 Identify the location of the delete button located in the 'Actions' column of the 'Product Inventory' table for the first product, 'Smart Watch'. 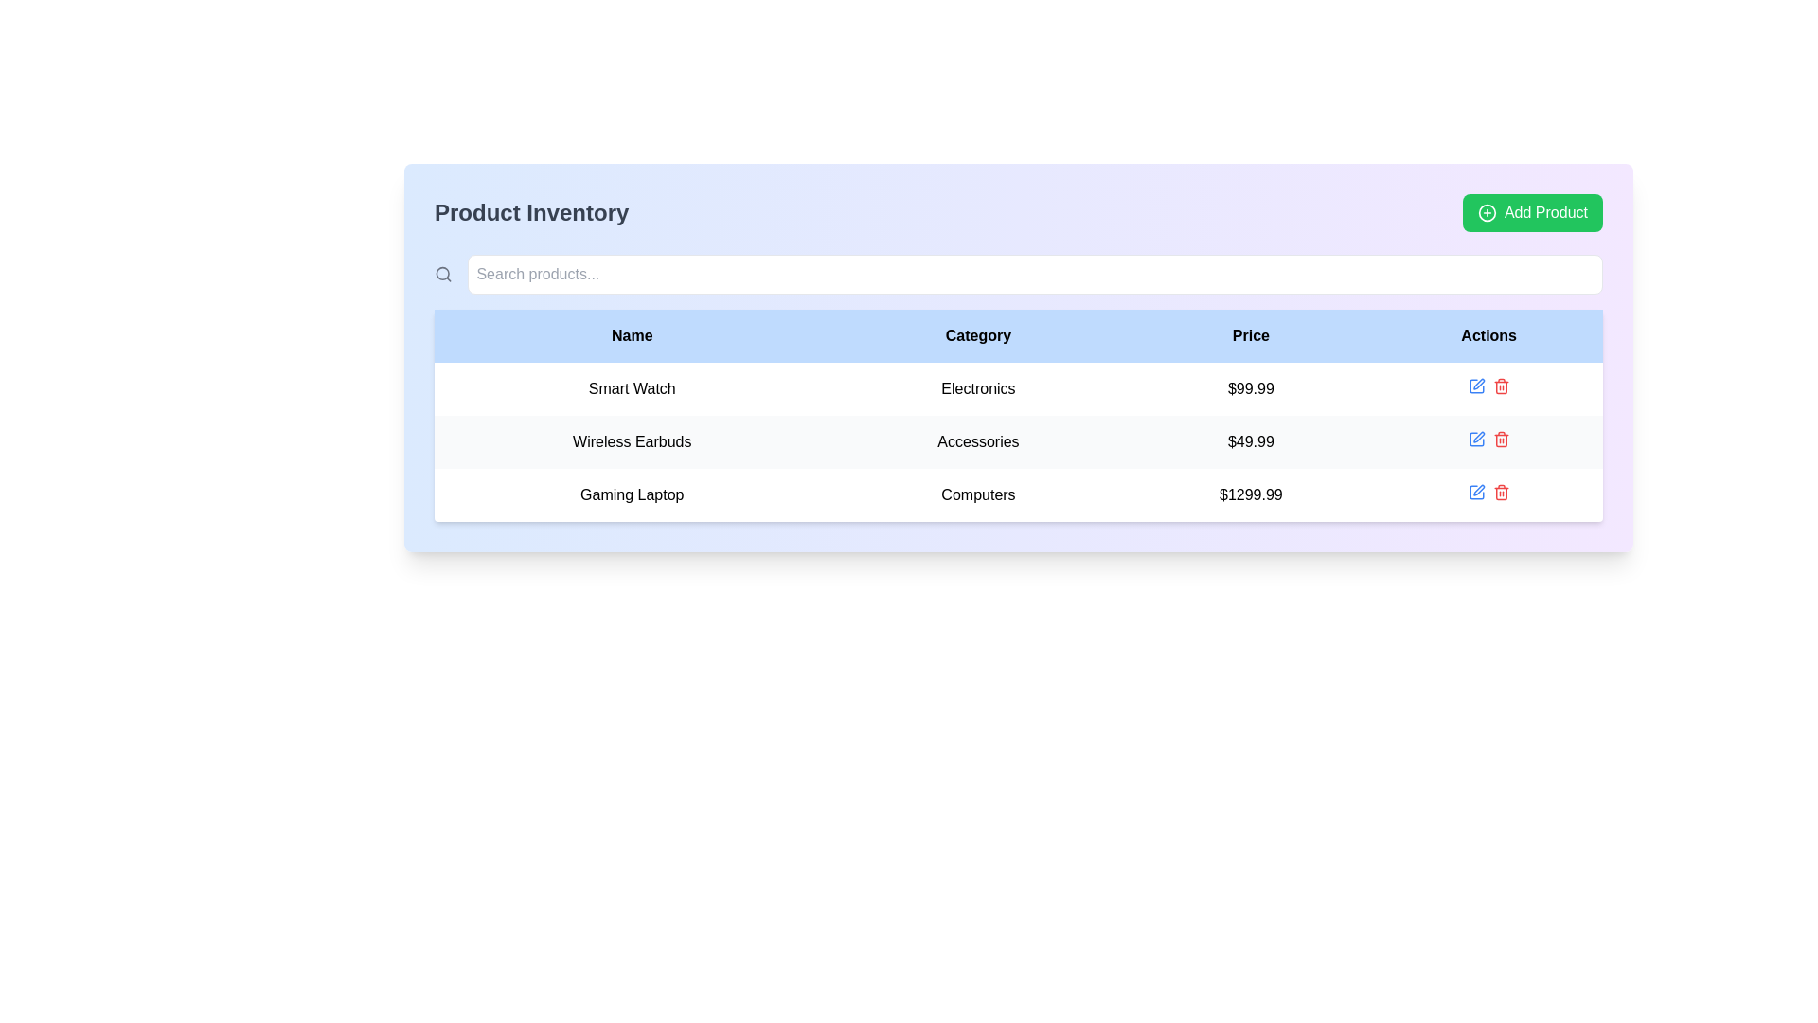
(1500, 386).